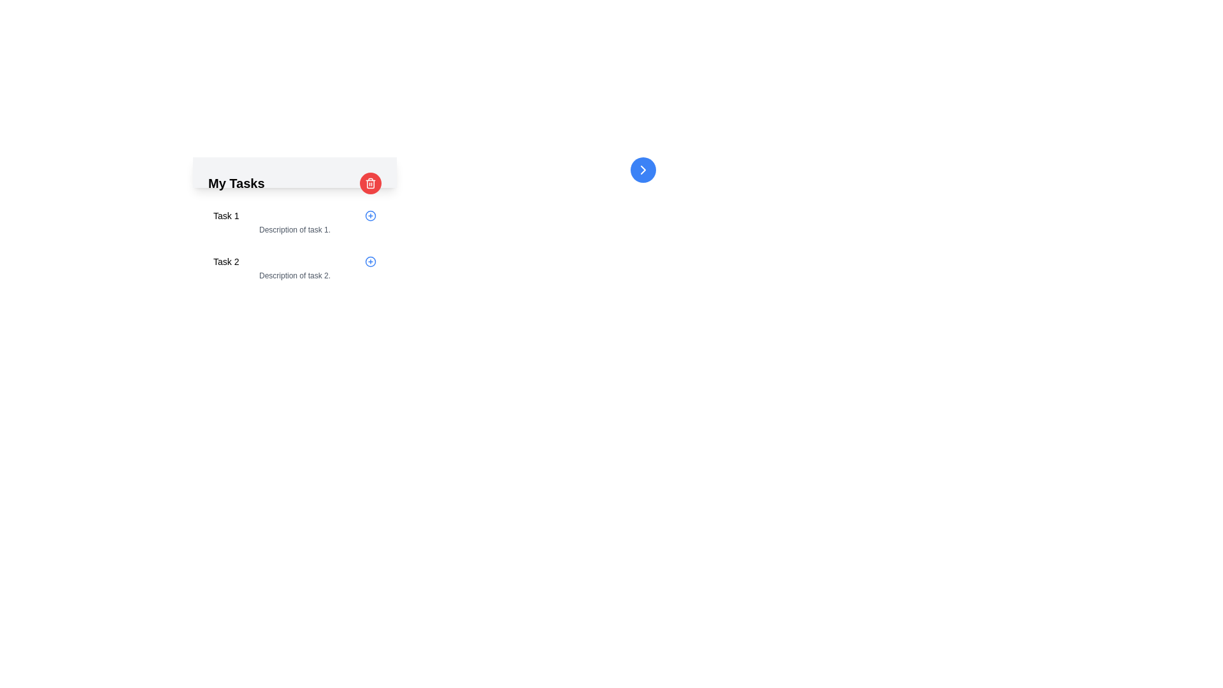 The width and height of the screenshot is (1223, 688). What do you see at coordinates (369, 261) in the screenshot?
I see `the circular '+' icon button located to the right of the 'Task 2' label` at bounding box center [369, 261].